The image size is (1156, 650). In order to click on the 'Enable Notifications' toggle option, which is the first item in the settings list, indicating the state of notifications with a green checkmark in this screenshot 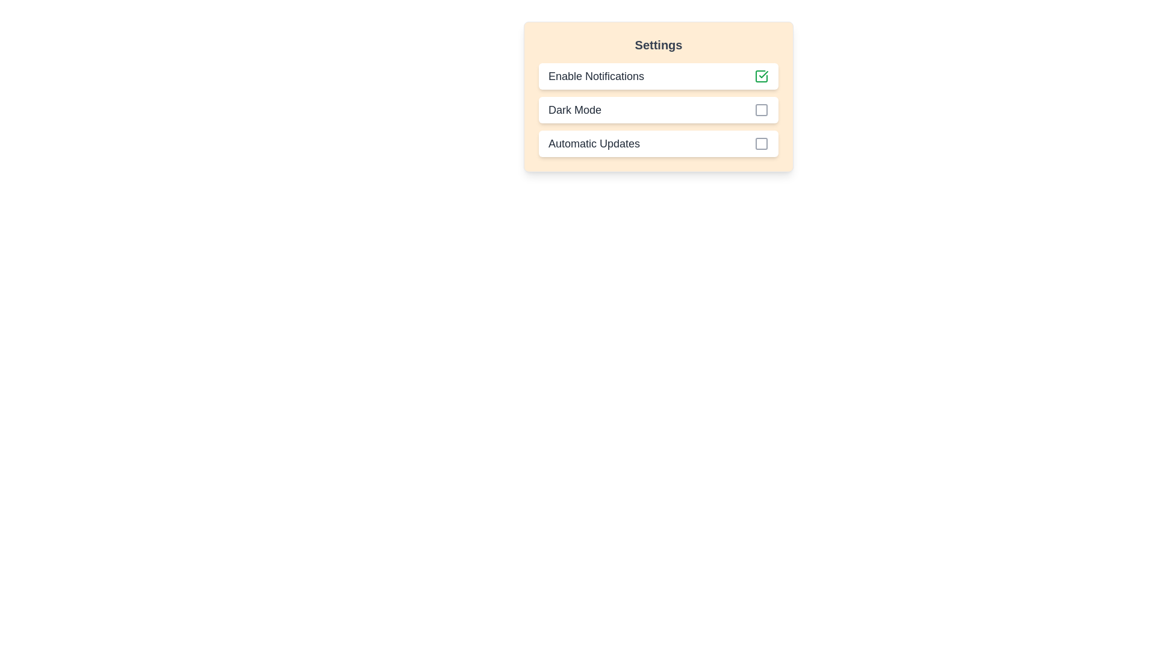, I will do `click(658, 76)`.